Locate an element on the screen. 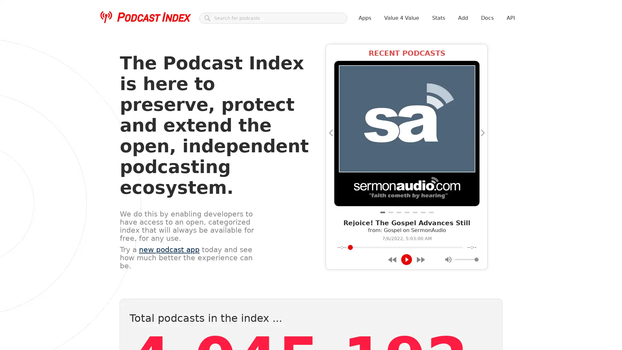 The width and height of the screenshot is (622, 350). Forward is located at coordinates (420, 259).